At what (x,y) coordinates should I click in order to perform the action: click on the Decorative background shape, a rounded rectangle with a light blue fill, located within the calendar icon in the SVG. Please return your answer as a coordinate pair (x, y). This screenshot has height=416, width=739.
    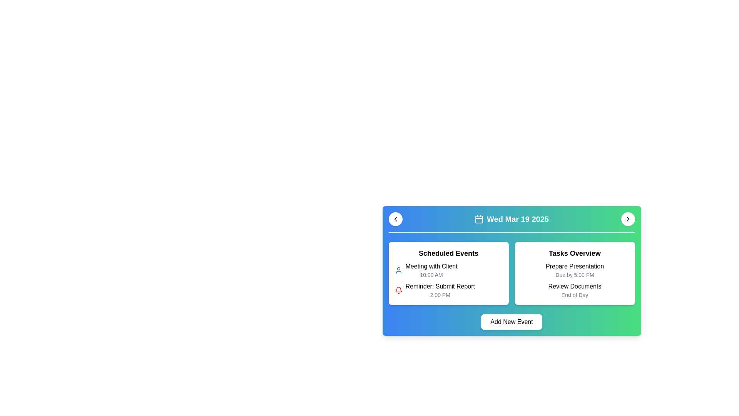
    Looking at the image, I should click on (479, 220).